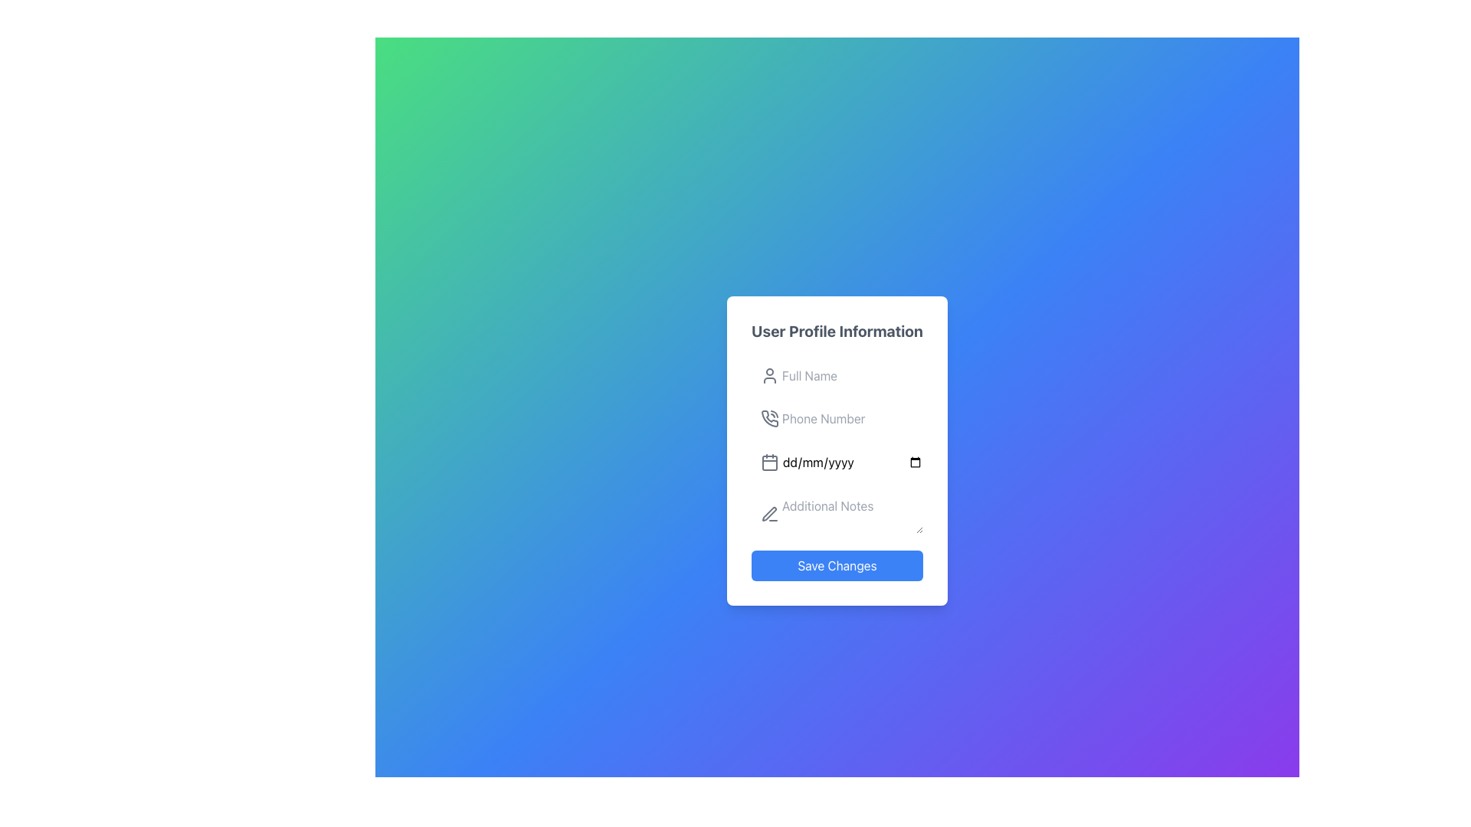  What do you see at coordinates (769, 463) in the screenshot?
I see `the square-shaped decorative calendar icon element located to the left of the 'dd/mm/yyyy' input field` at bounding box center [769, 463].